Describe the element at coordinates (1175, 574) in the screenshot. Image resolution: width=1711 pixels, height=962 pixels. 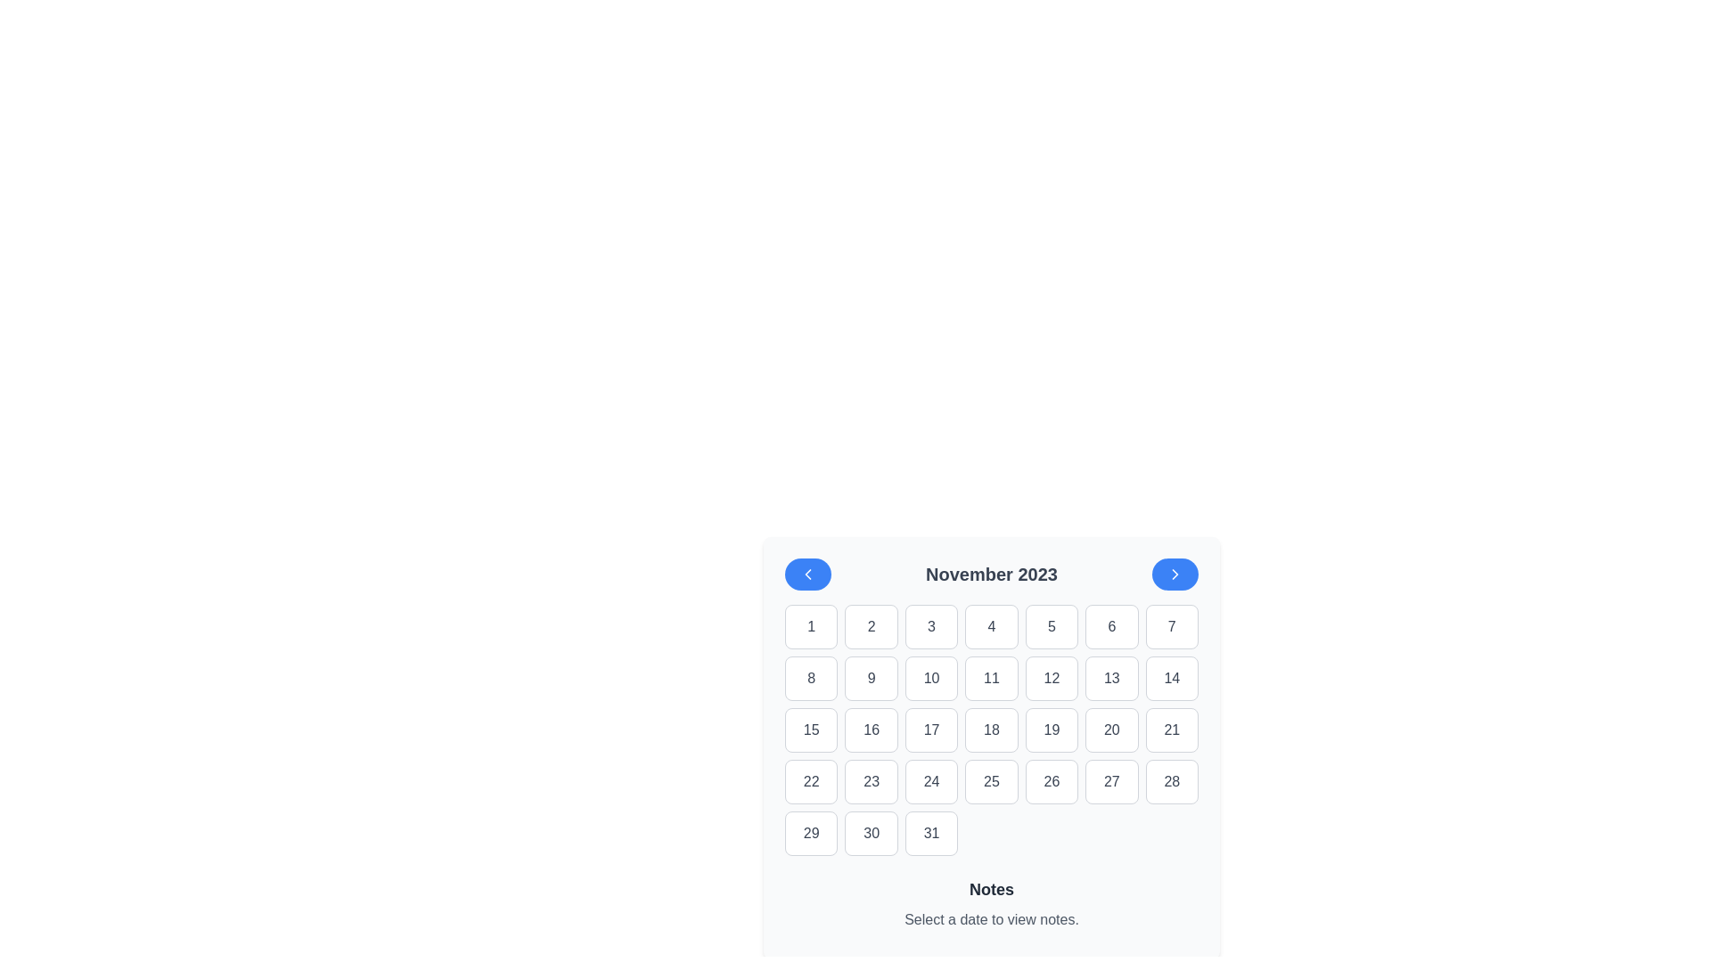
I see `the rightward-facing chevron arrow icon inside the blue circular button located at the top-right corner of the calendar interface` at that location.